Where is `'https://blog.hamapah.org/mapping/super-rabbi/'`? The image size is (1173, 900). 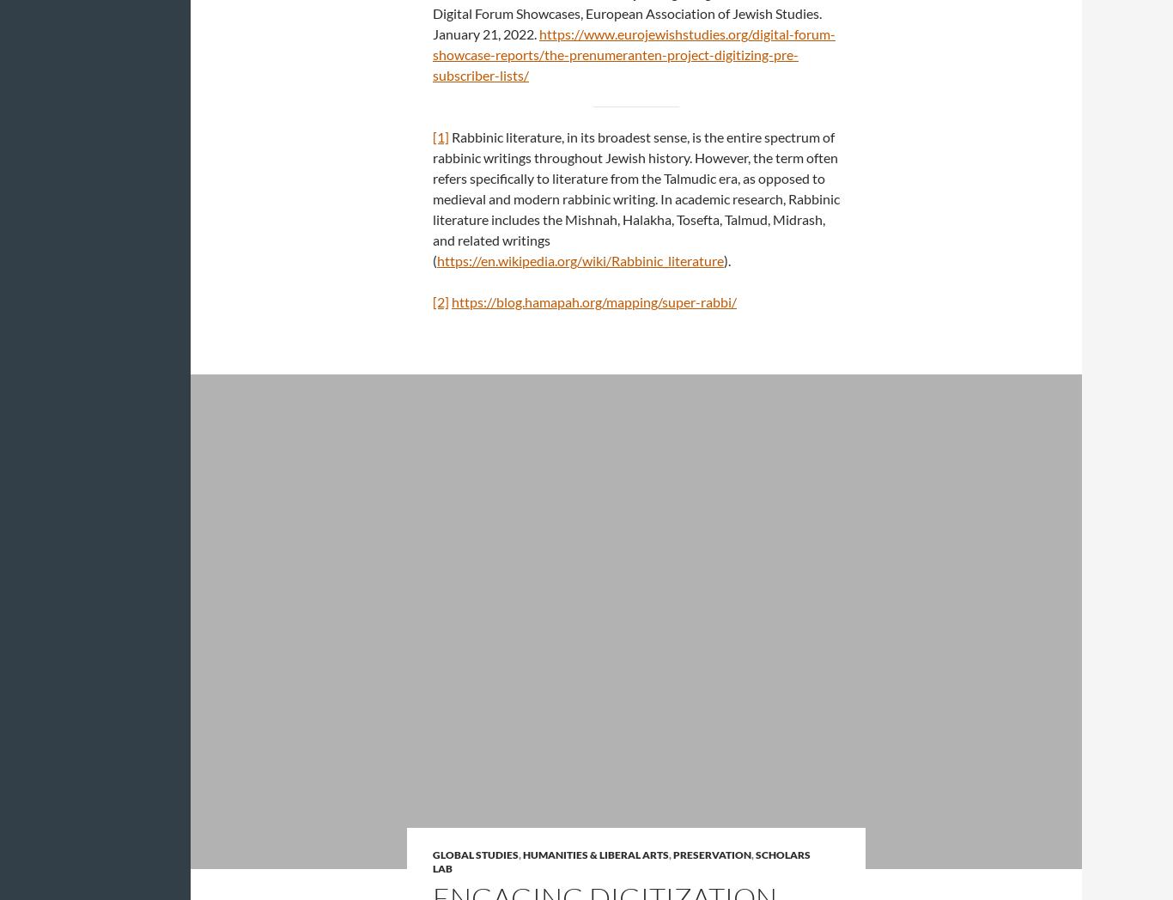 'https://blog.hamapah.org/mapping/super-rabbi/' is located at coordinates (594, 301).